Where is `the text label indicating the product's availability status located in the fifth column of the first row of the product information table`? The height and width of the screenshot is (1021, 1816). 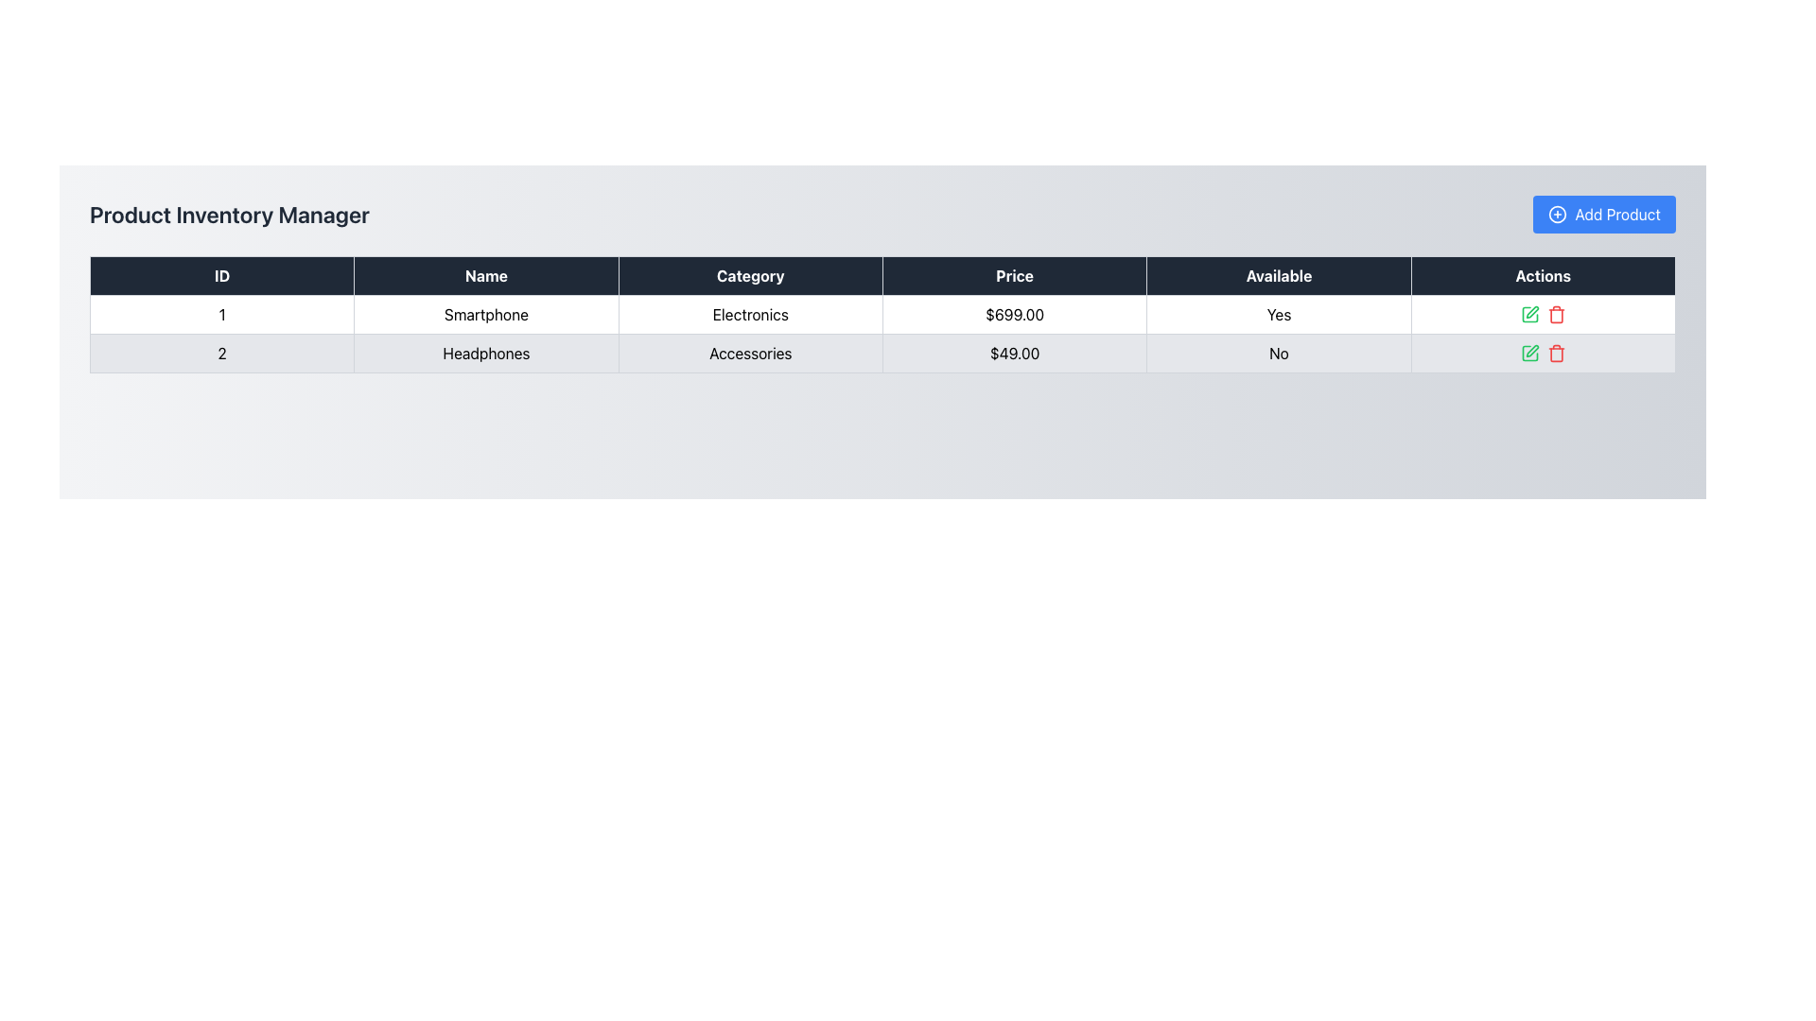
the text label indicating the product's availability status located in the fifth column of the first row of the product information table is located at coordinates (1279, 313).